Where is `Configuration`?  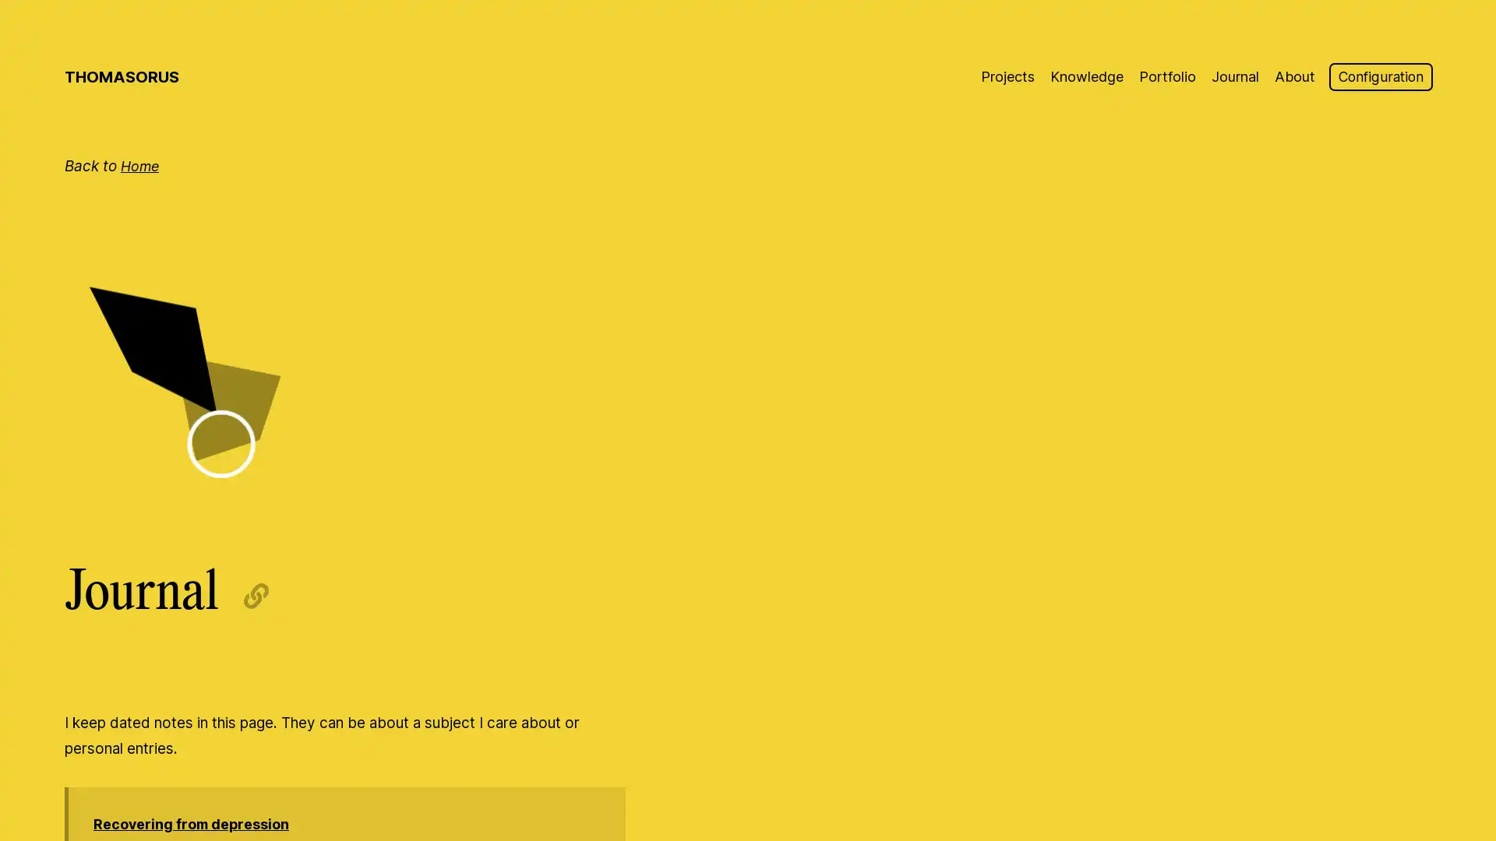 Configuration is located at coordinates (1377, 77).